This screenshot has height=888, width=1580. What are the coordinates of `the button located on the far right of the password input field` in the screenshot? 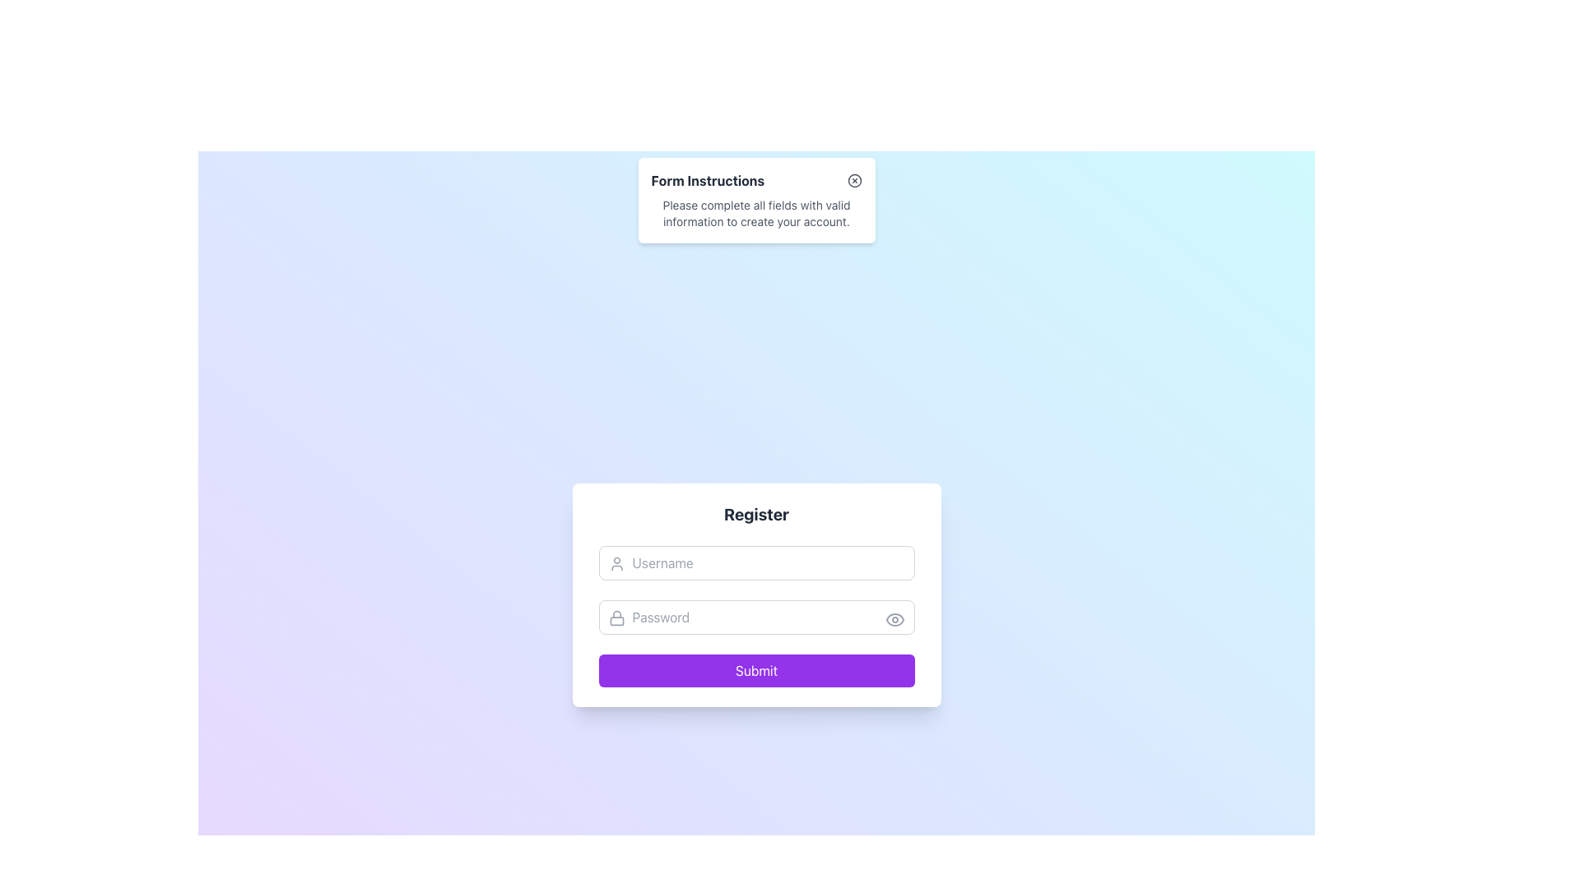 It's located at (894, 619).